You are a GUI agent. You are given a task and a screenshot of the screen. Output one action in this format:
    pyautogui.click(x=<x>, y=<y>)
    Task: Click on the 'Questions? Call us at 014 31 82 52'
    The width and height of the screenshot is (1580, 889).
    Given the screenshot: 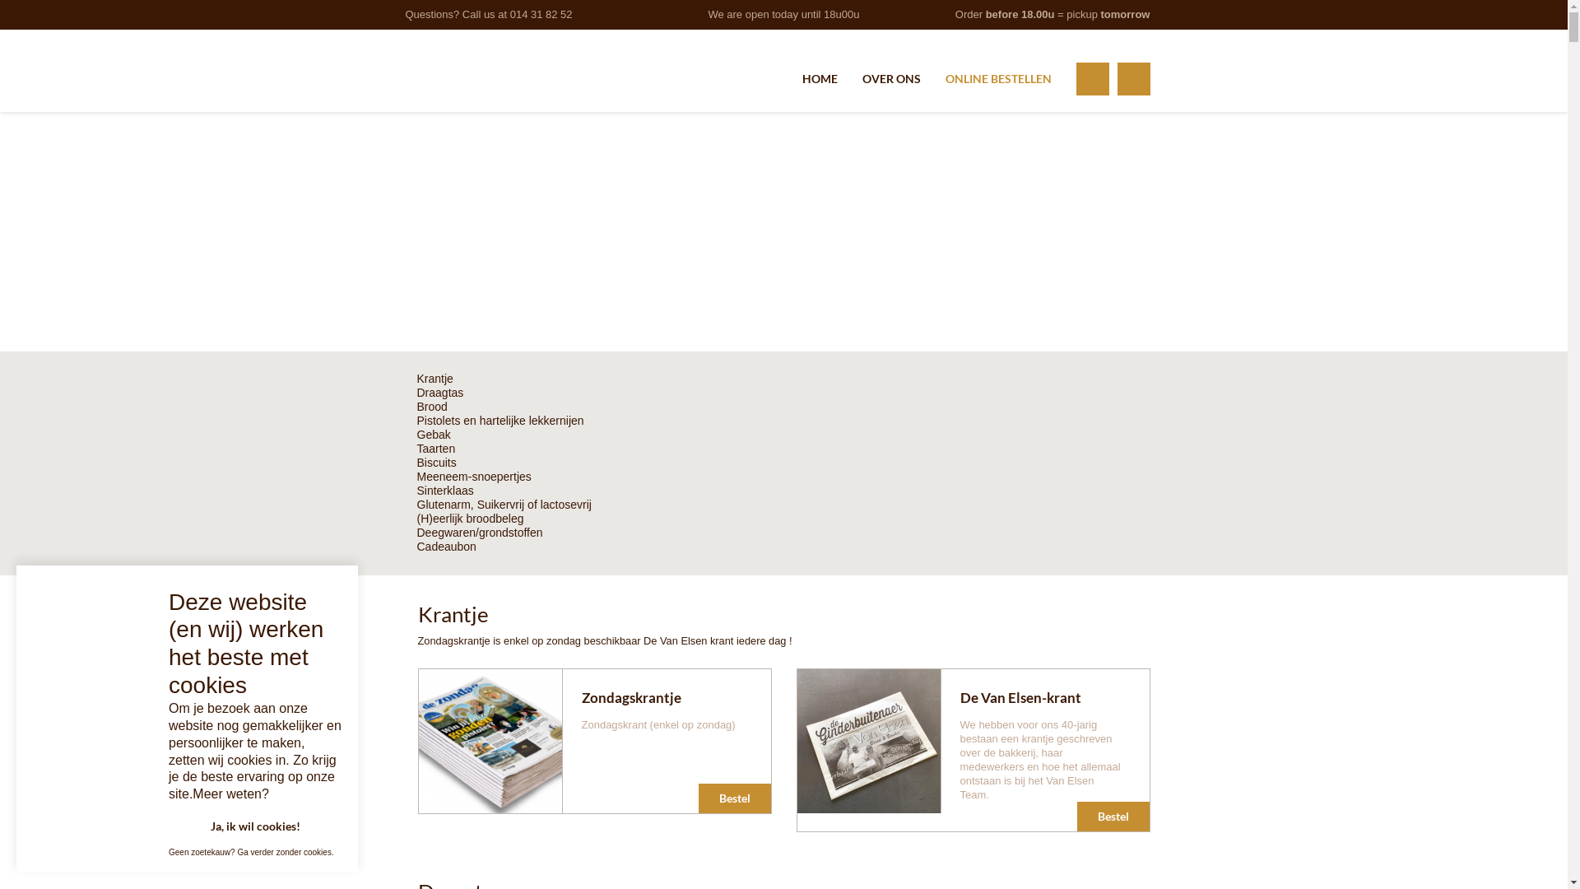 What is the action you would take?
    pyautogui.click(x=487, y=14)
    